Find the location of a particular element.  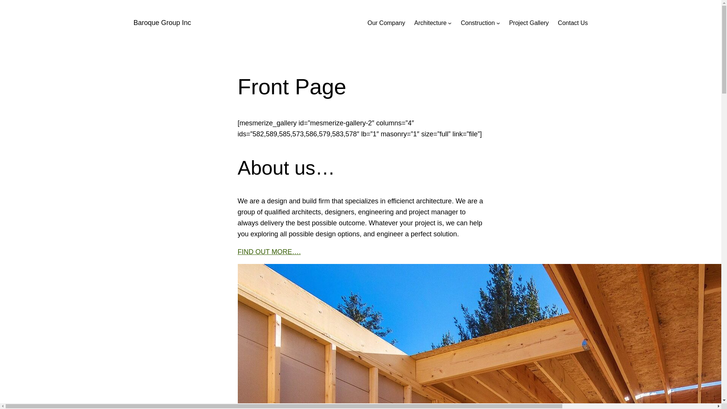

'Our Company' is located at coordinates (386, 23).